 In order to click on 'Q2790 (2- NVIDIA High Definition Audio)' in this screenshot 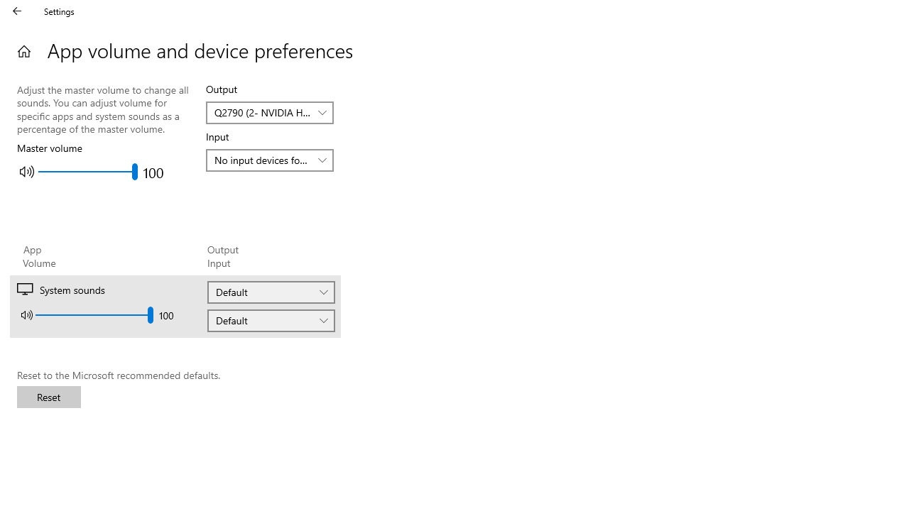, I will do `click(262, 111)`.